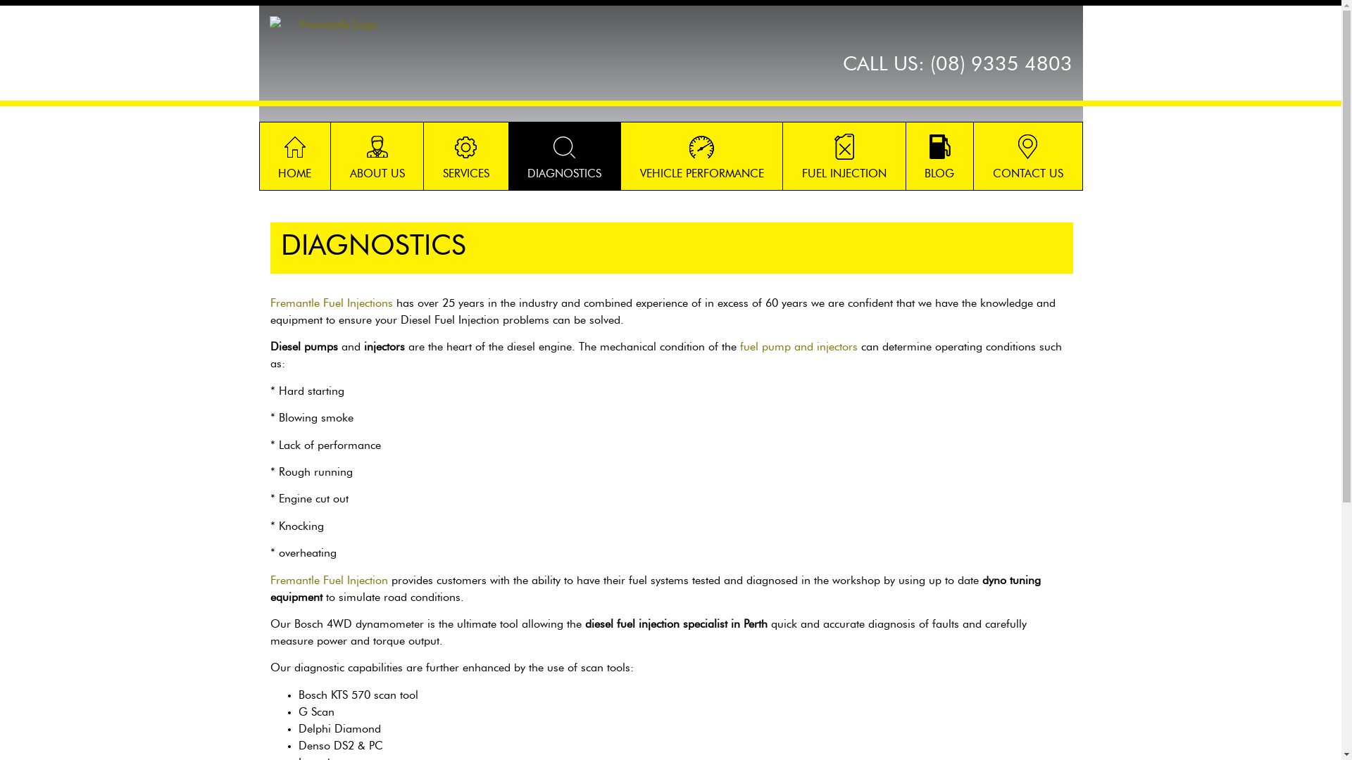 The image size is (1352, 760). What do you see at coordinates (620, 156) in the screenshot?
I see `'VEHICLE PERFORMANCE'` at bounding box center [620, 156].